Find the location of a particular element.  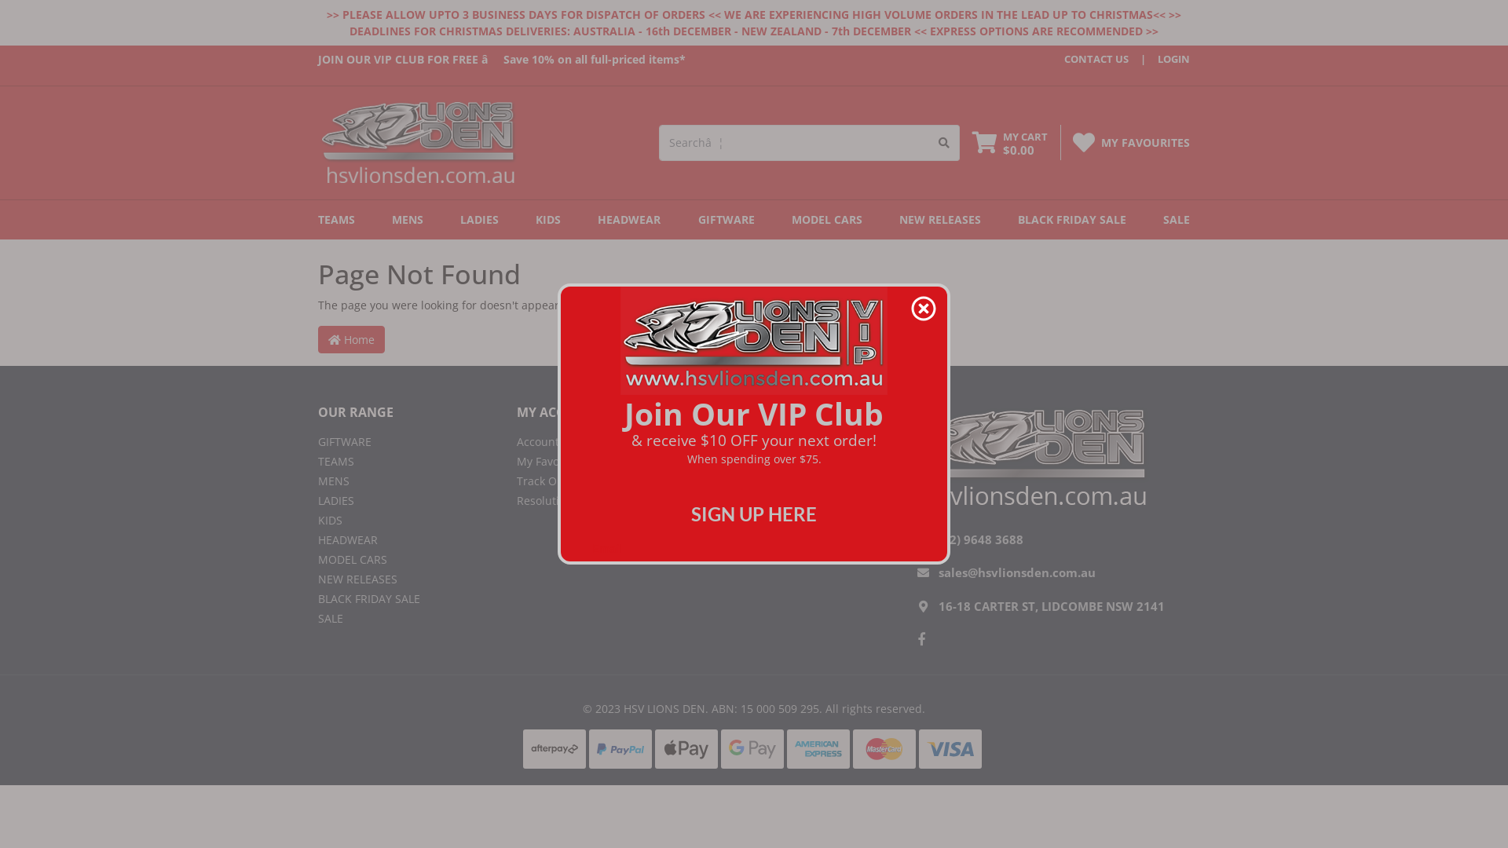

'Track Order' is located at coordinates (516, 480).